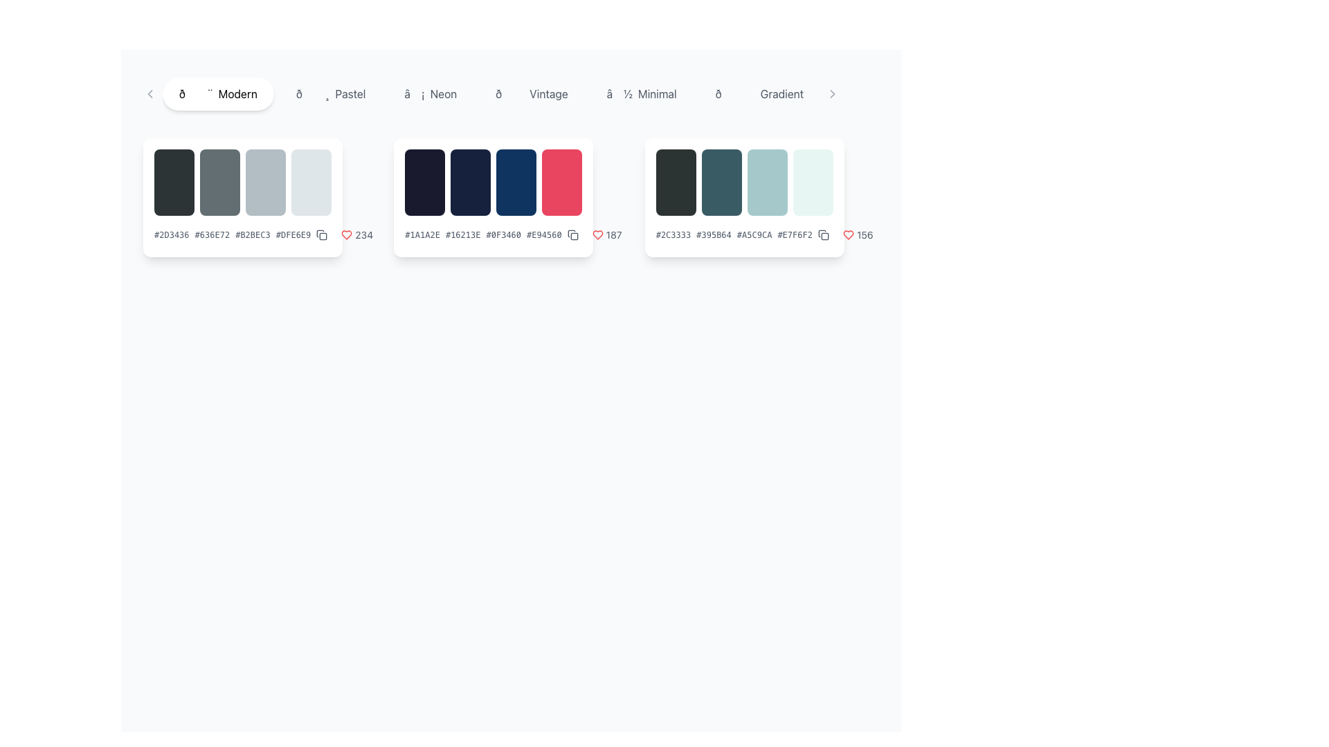  Describe the element at coordinates (494, 181) in the screenshot. I see `the Color Display Strip located in the middle card of the horizontally scrolling color palette` at that location.